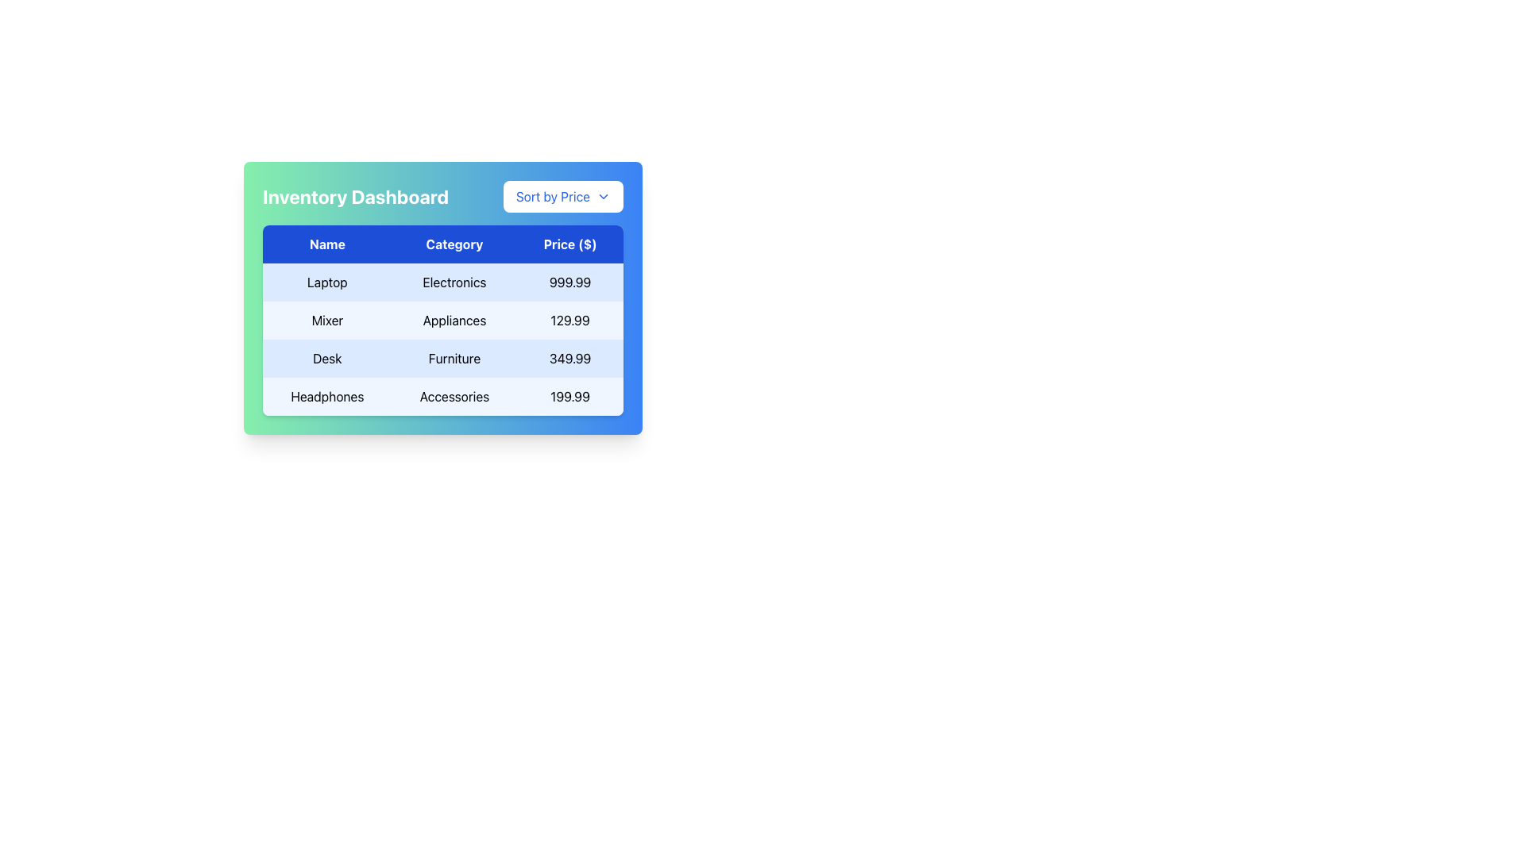 The image size is (1525, 857). I want to click on the text label displaying 'Furniture' in the 'Category' column of the table, specifically located in the third row for the 'Desk' product line, so click(454, 358).